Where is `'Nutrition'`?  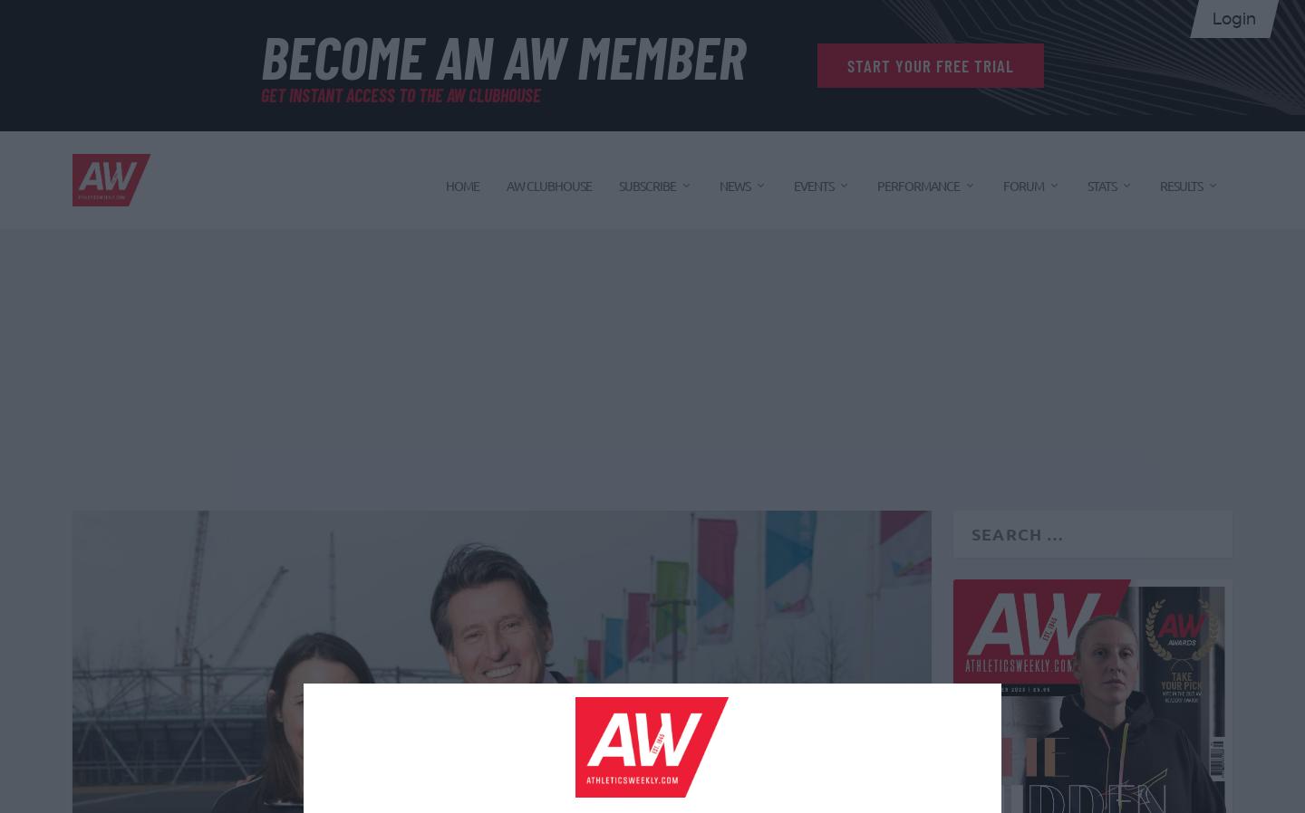 'Nutrition' is located at coordinates (914, 438).